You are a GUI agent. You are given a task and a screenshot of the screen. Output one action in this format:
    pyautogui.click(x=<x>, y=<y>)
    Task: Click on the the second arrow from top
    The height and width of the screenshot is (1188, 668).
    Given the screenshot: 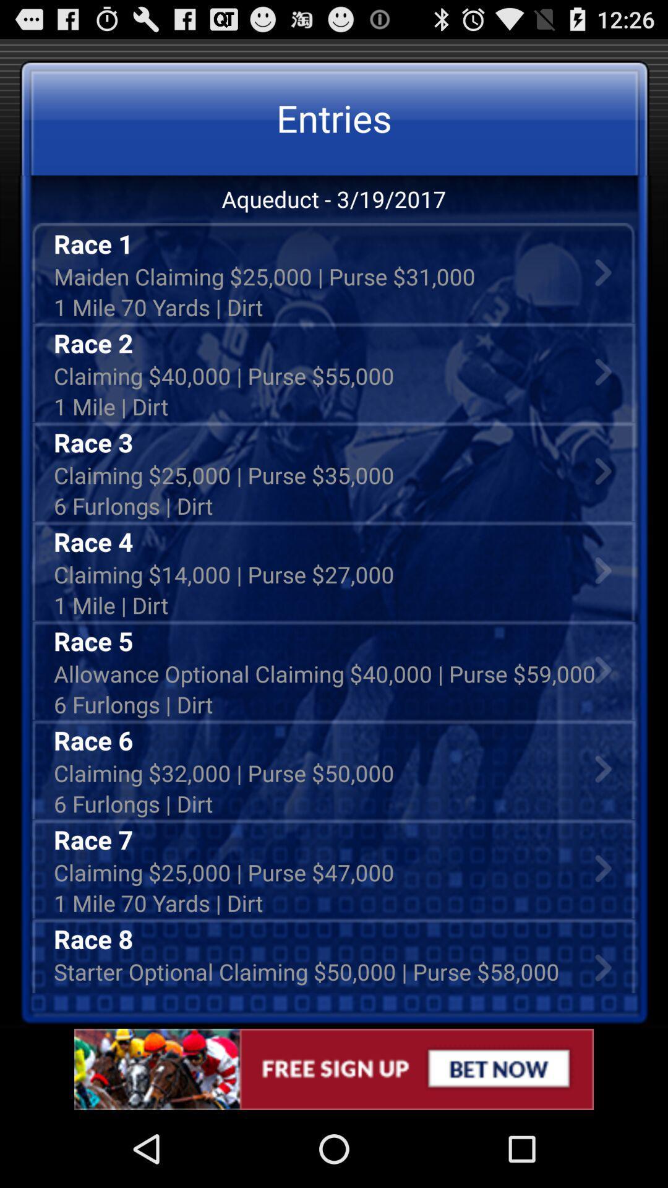 What is the action you would take?
    pyautogui.click(x=602, y=371)
    